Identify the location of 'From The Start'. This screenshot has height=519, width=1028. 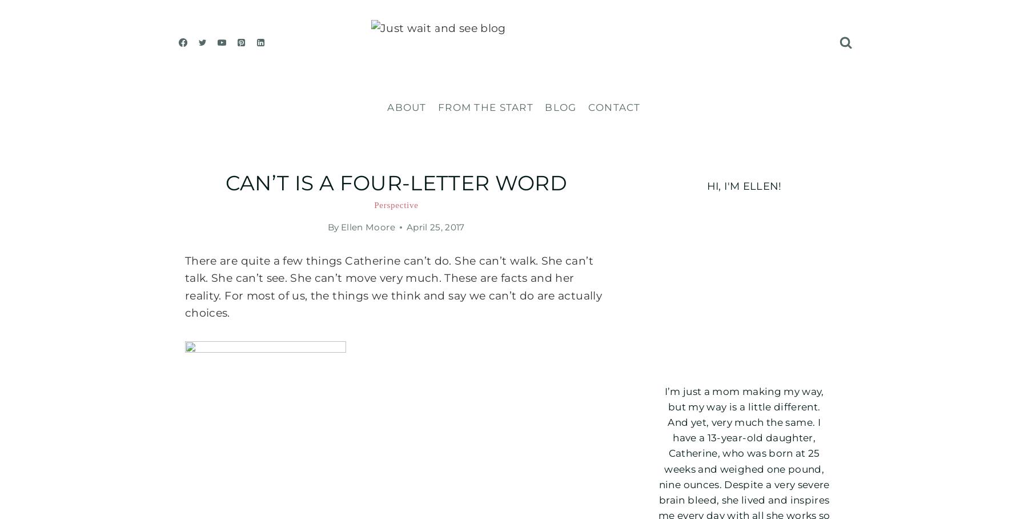
(485, 106).